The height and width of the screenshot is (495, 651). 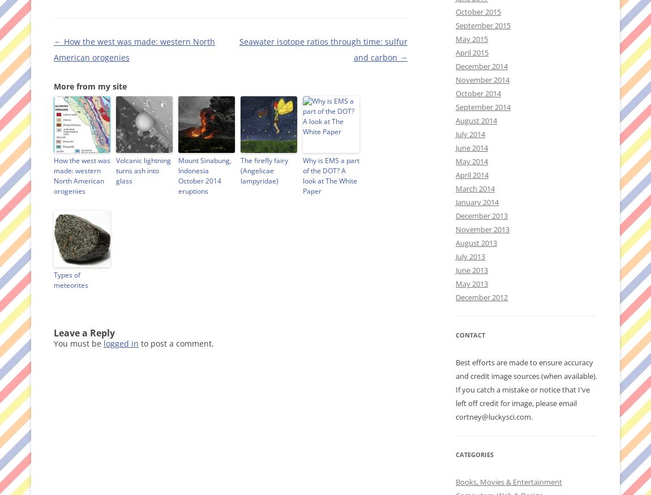 I want to click on 'logged in', so click(x=121, y=343).